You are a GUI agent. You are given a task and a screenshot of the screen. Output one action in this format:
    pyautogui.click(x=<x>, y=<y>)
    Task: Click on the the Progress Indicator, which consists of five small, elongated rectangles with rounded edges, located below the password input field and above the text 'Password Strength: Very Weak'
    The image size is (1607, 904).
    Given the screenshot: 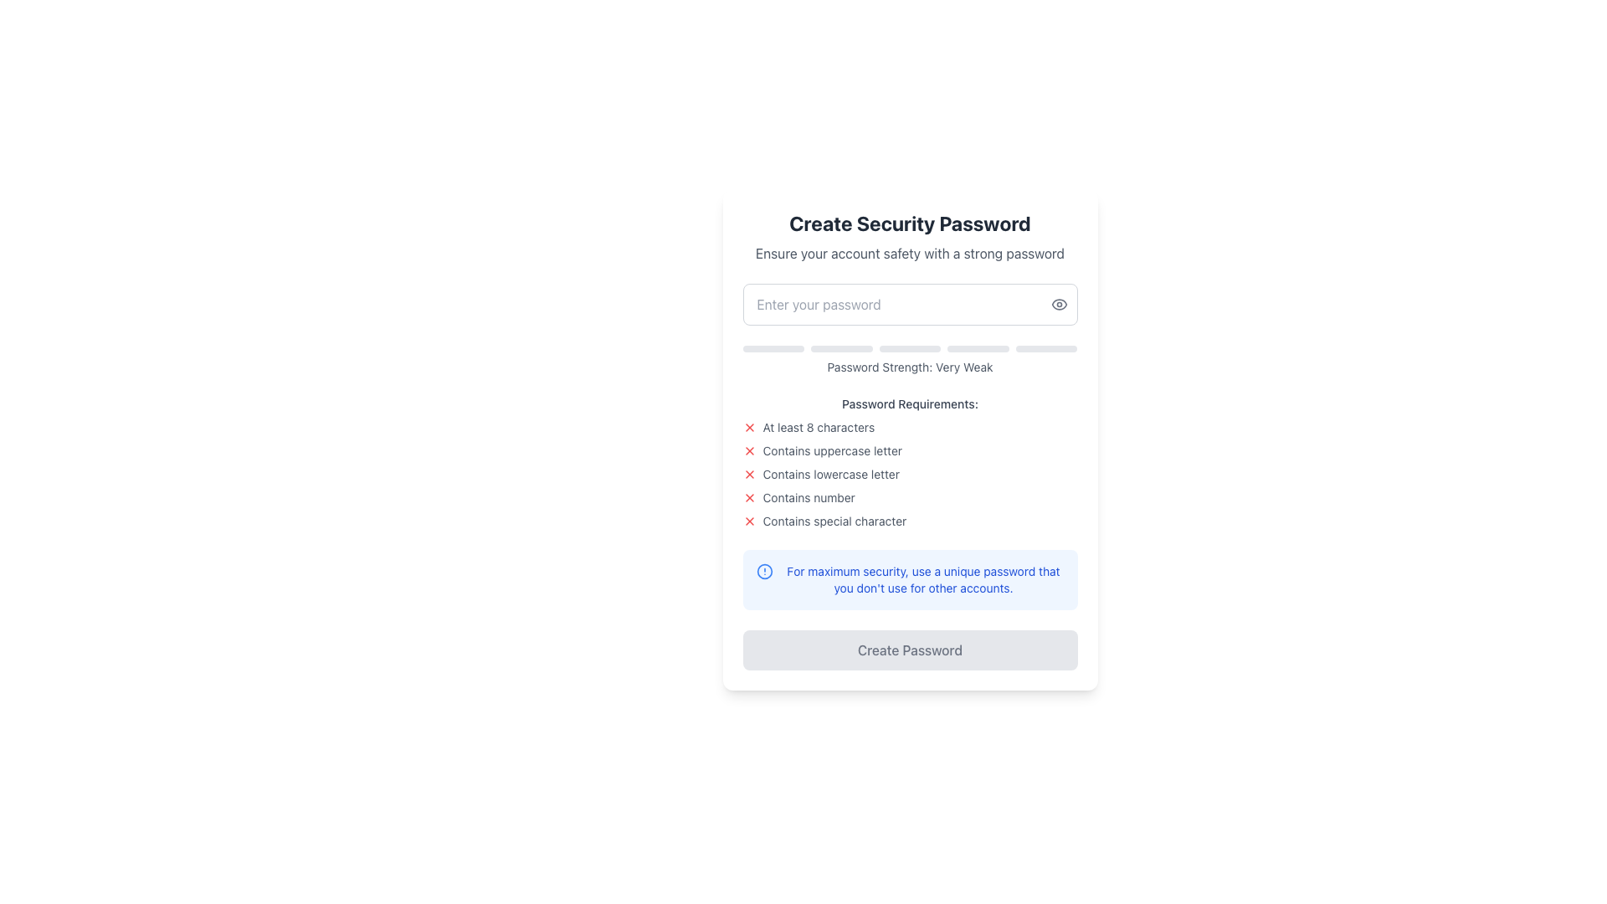 What is the action you would take?
    pyautogui.click(x=909, y=347)
    